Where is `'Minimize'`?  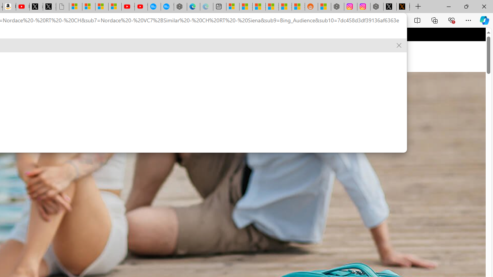 'Minimize' is located at coordinates (448, 6).